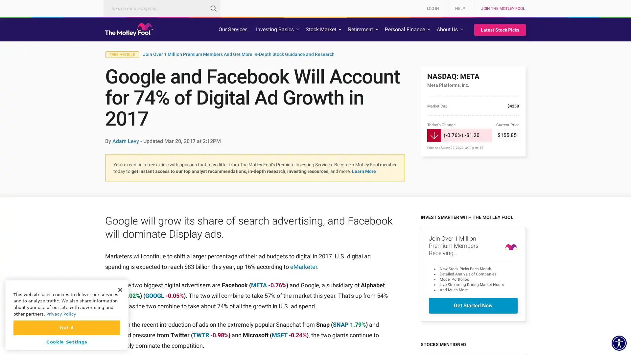  I want to click on Cookie Settings, so click(67, 342).